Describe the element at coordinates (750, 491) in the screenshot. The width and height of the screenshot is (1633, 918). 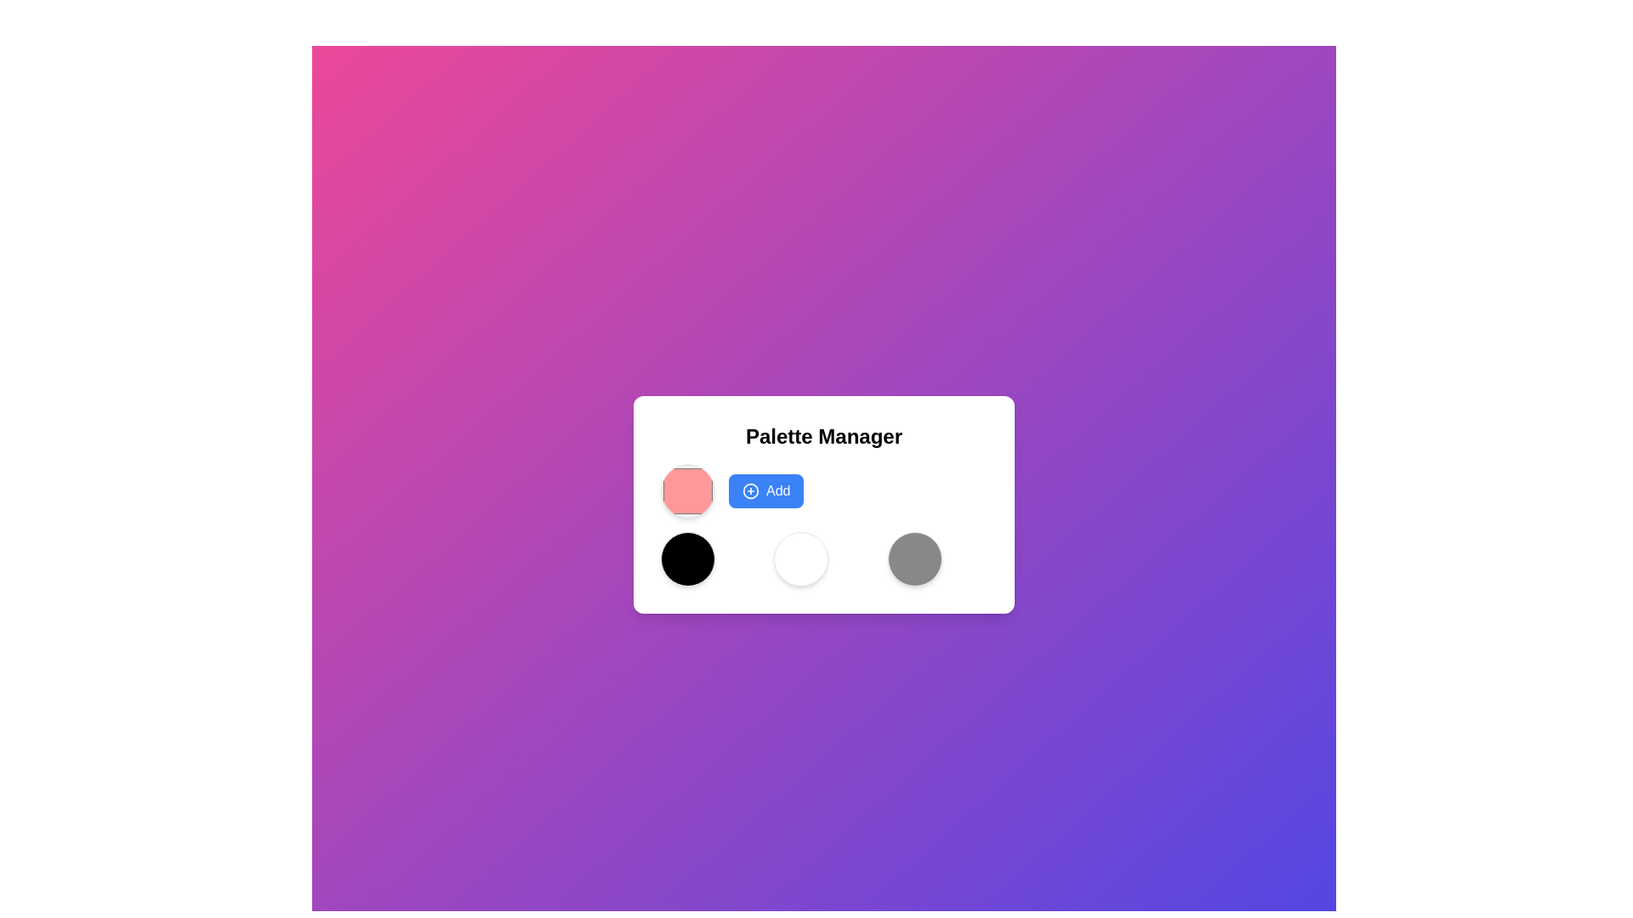
I see `the Circle component of the 'Add' icon, which is part of the SVG representation located to the right of the palette color block and to the left of the 'Add' button within the modal` at that location.